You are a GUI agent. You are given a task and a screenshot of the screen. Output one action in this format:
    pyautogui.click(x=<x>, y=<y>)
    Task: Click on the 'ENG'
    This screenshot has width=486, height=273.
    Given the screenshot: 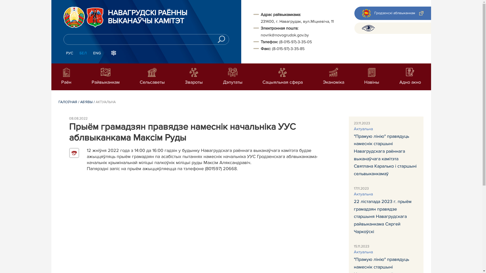 What is the action you would take?
    pyautogui.click(x=97, y=53)
    